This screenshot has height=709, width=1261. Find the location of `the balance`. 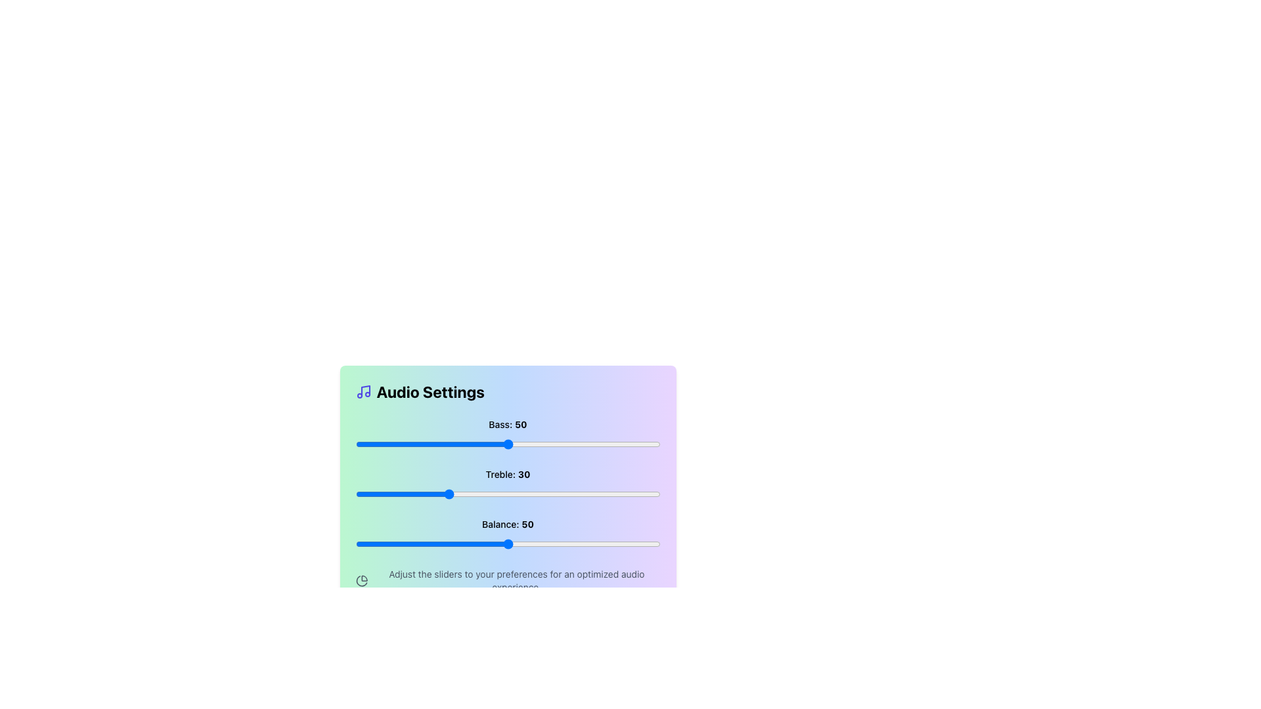

the balance is located at coordinates (468, 544).